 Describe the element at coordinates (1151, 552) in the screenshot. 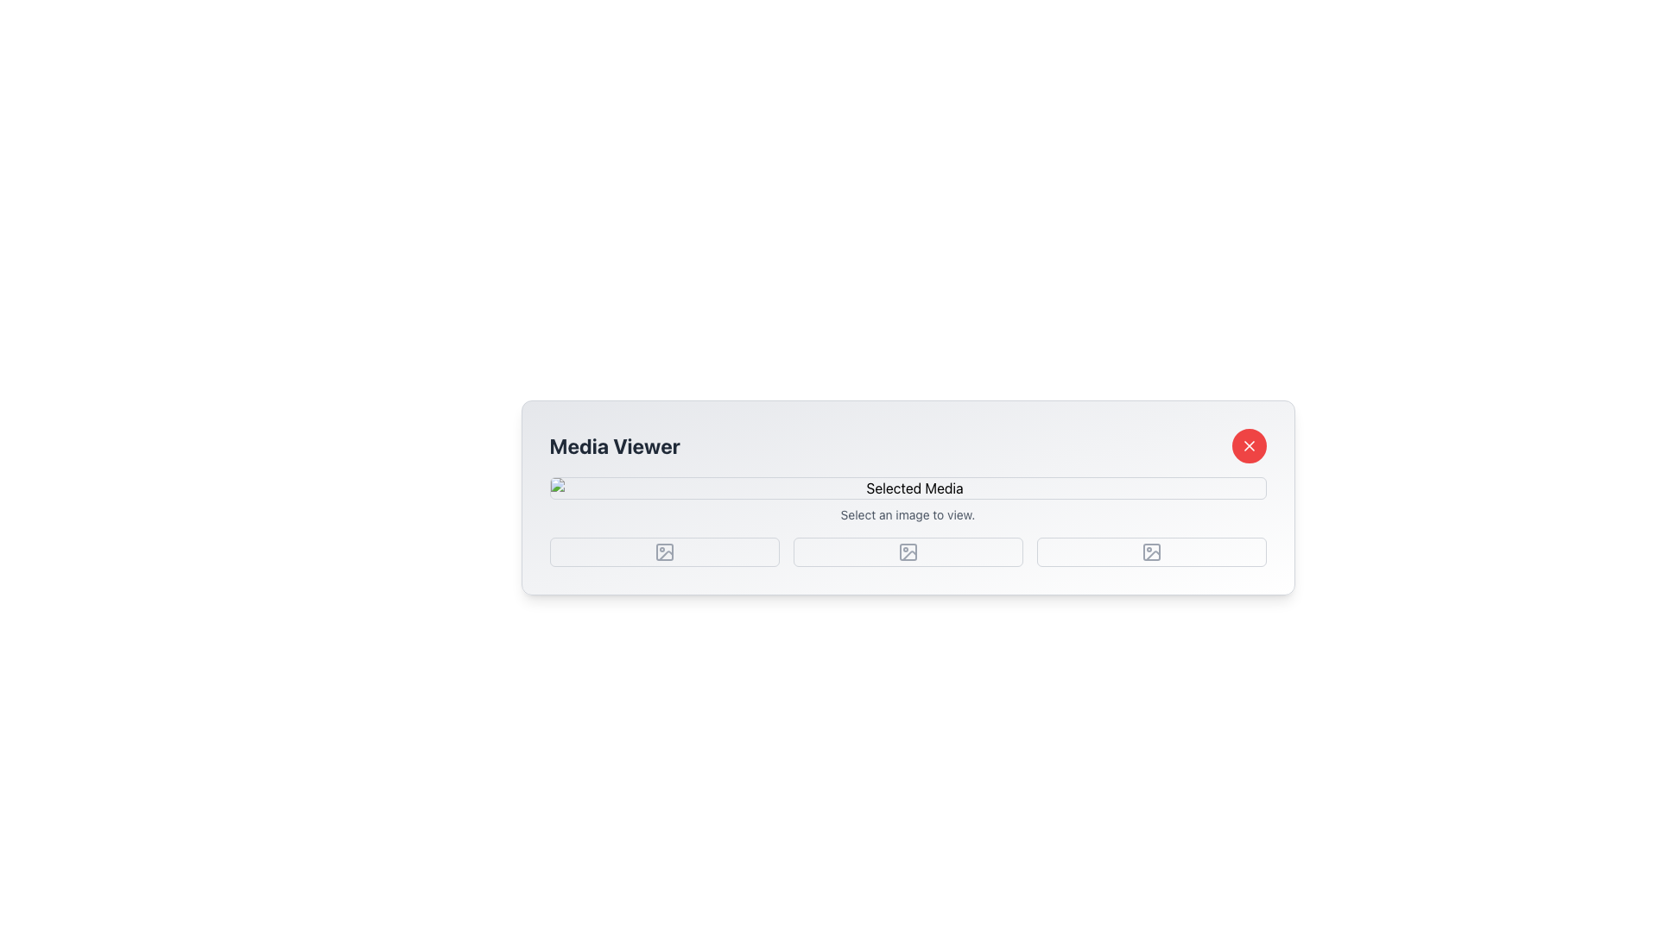

I see `the interactive button in the footer section of the 'Media Viewer' module` at that location.